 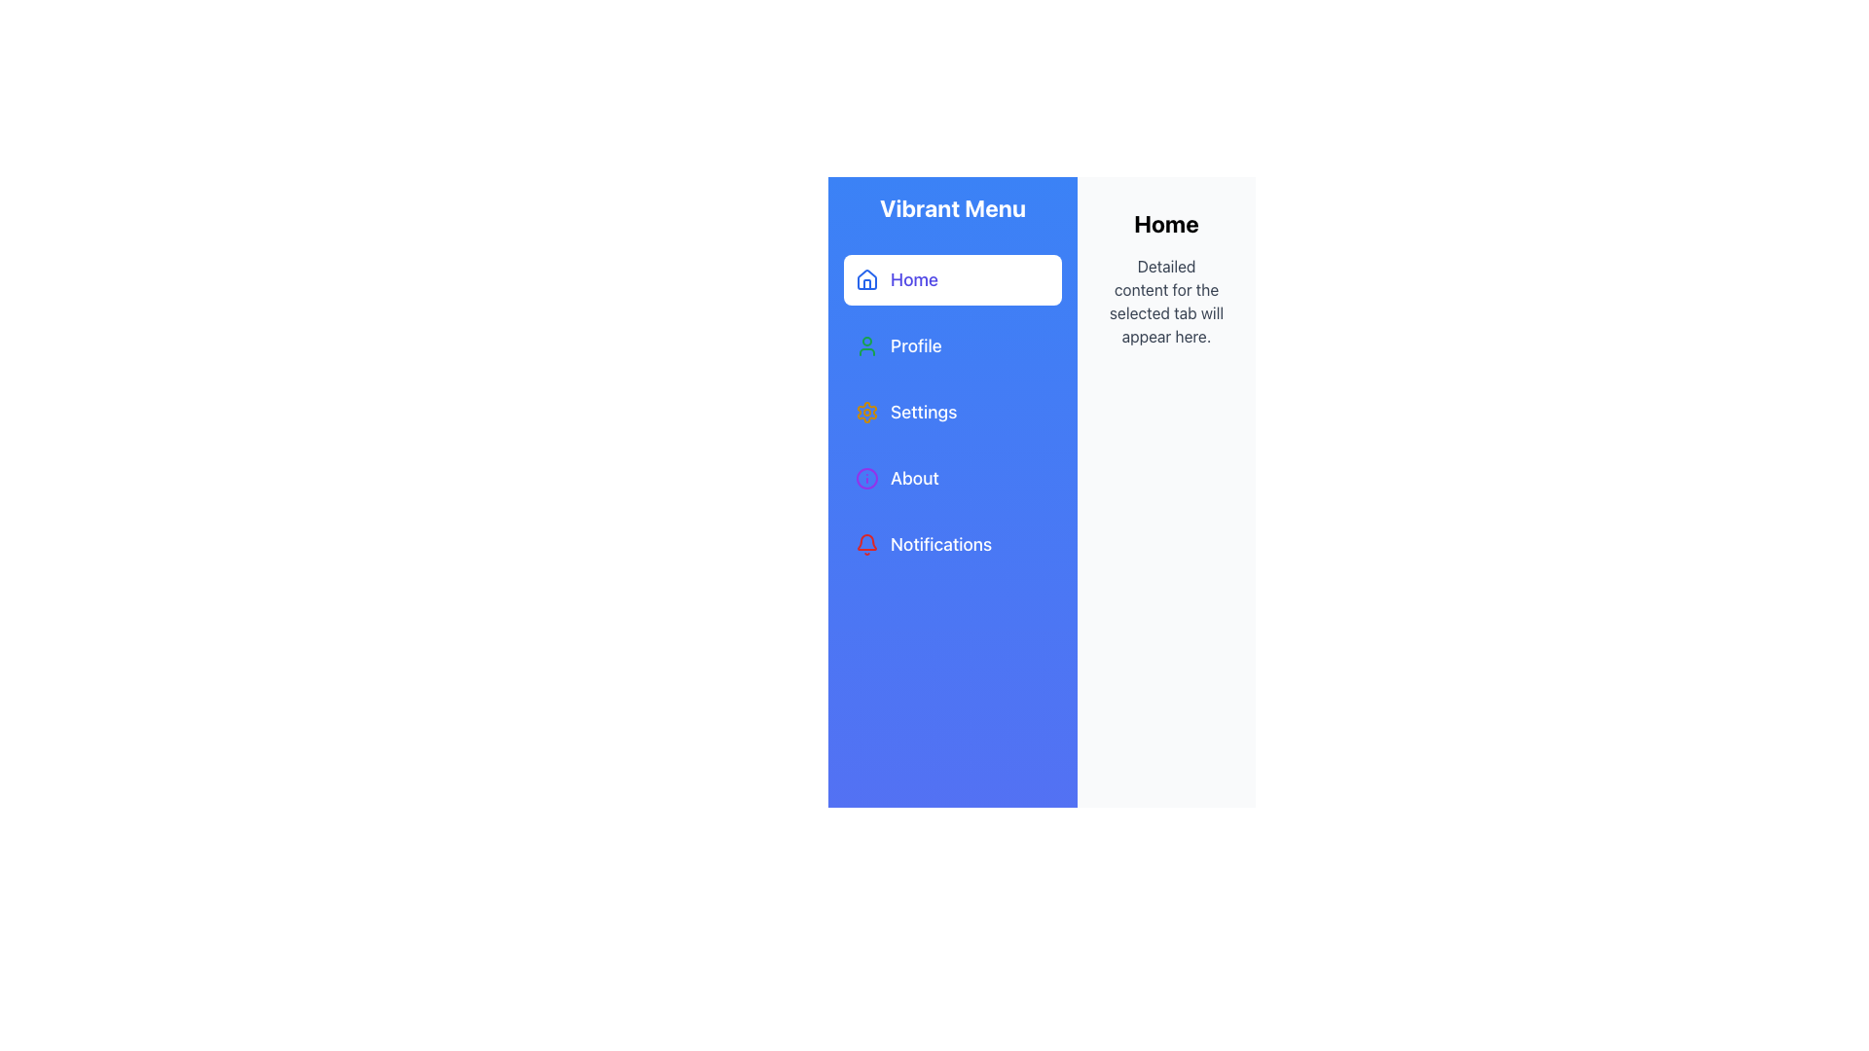 What do you see at coordinates (953, 479) in the screenshot?
I see `the 'About' button located in the sidebar of the application to change its style` at bounding box center [953, 479].